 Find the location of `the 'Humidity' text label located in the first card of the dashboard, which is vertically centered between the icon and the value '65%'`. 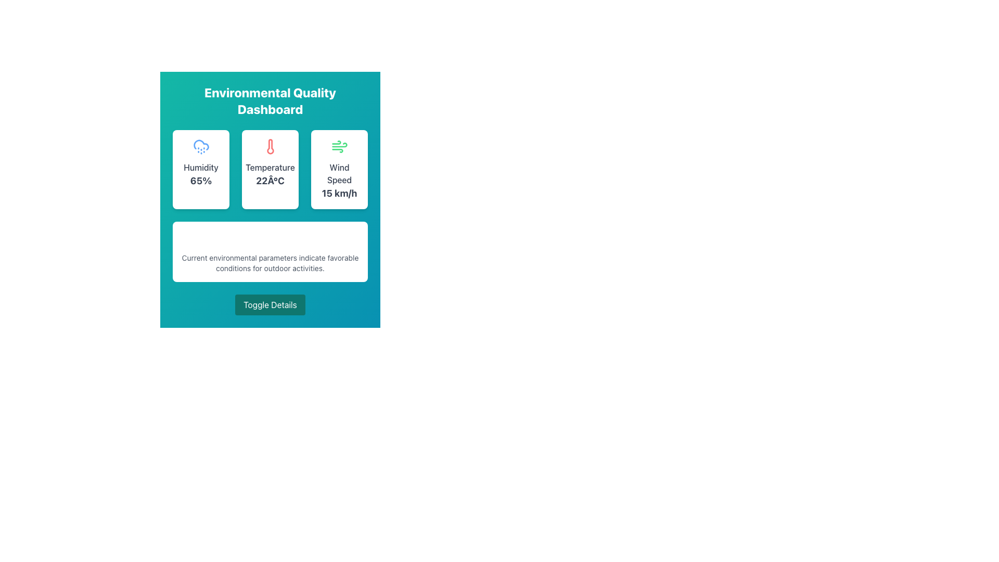

the 'Humidity' text label located in the first card of the dashboard, which is vertically centered between the icon and the value '65%' is located at coordinates (201, 167).